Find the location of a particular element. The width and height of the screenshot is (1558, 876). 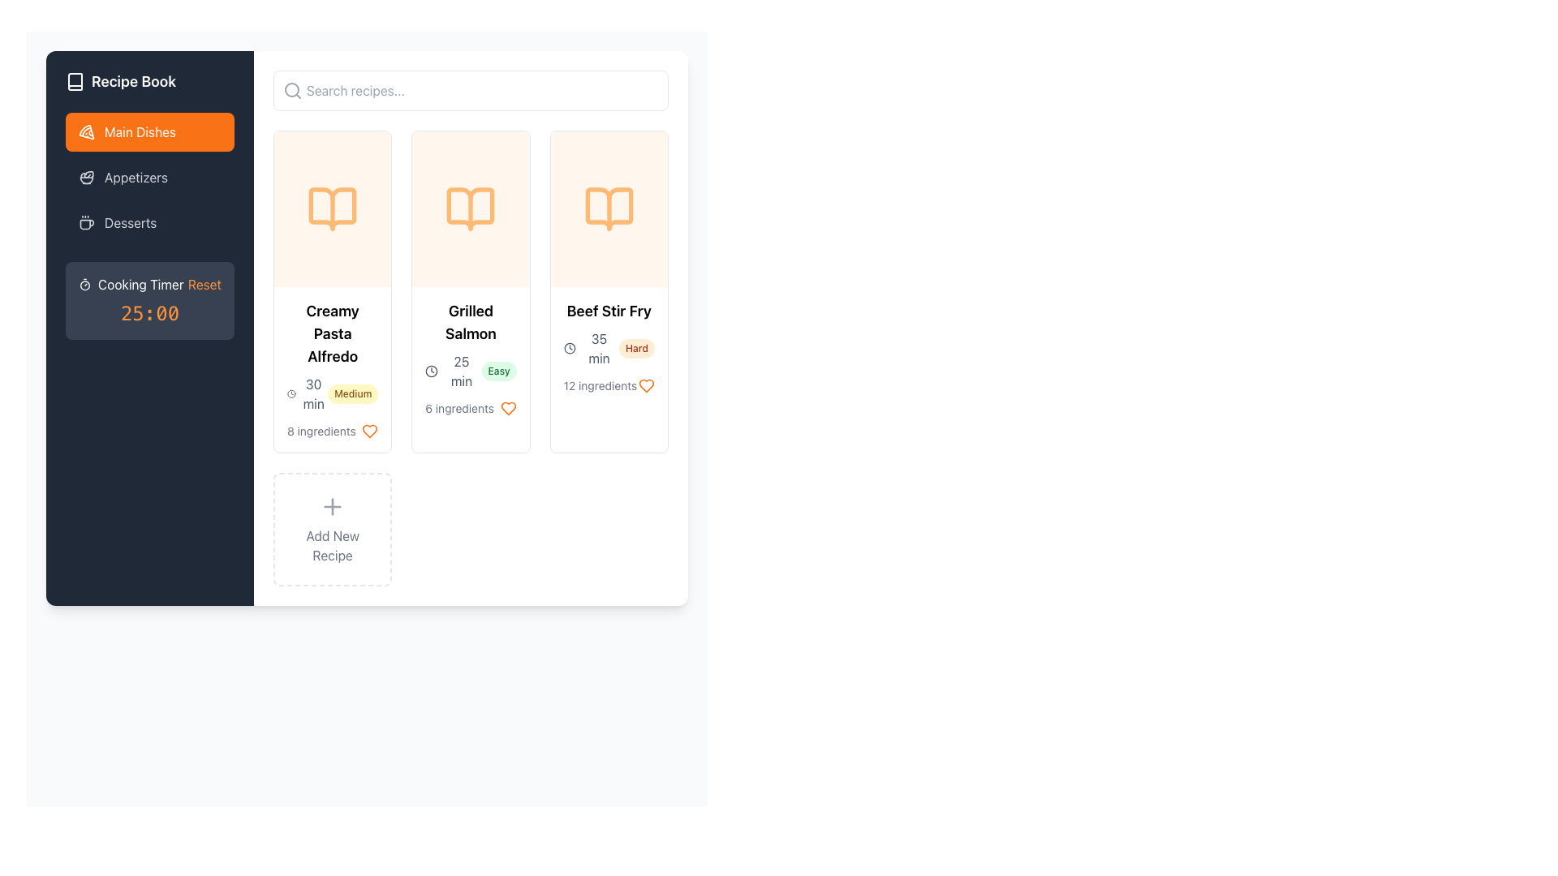

the Icon button that triggers the action of adding a new recipe is located at coordinates (332, 505).